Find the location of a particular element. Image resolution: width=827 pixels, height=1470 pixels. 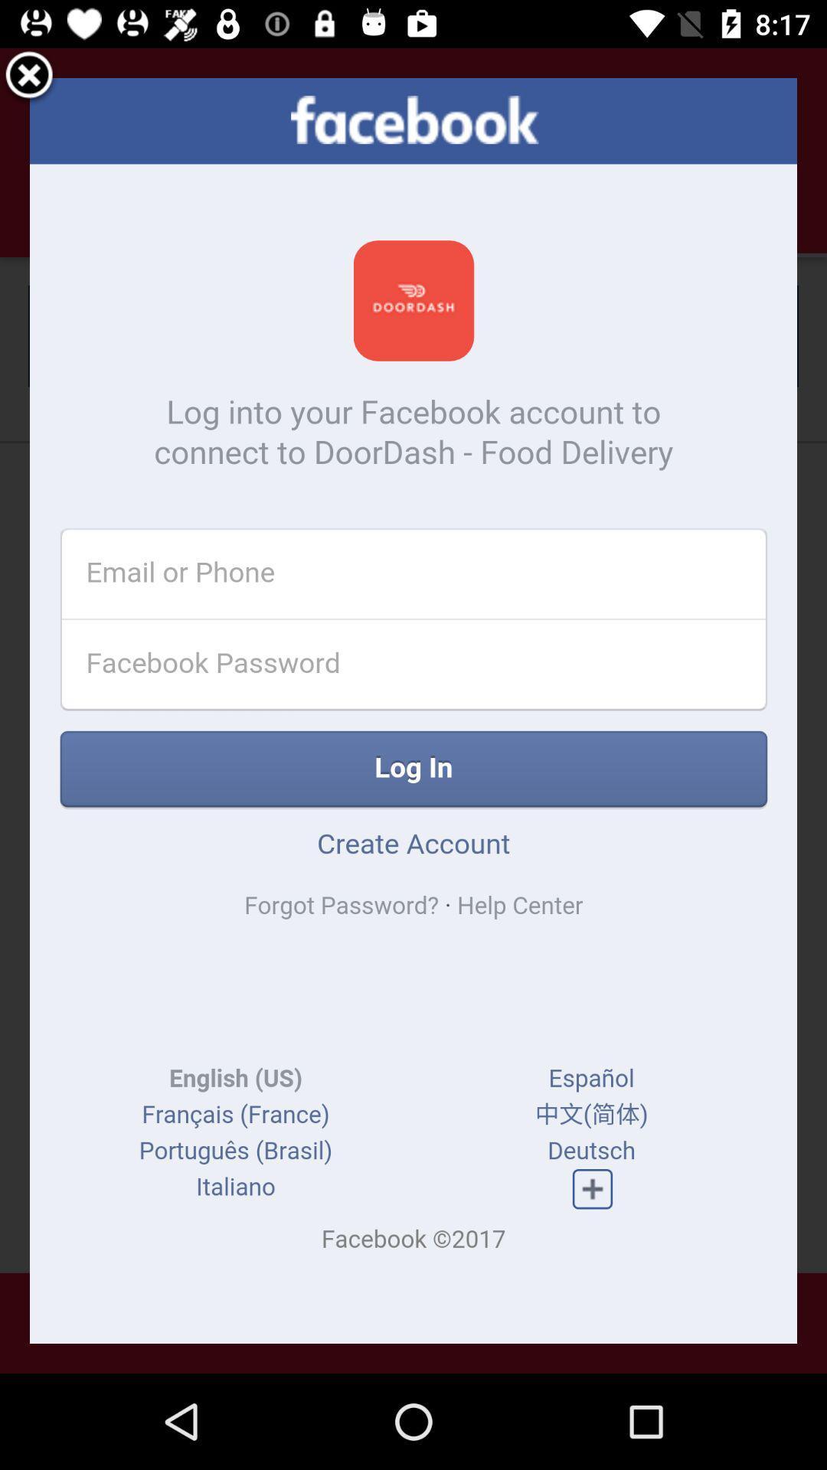

out is located at coordinates (29, 77).